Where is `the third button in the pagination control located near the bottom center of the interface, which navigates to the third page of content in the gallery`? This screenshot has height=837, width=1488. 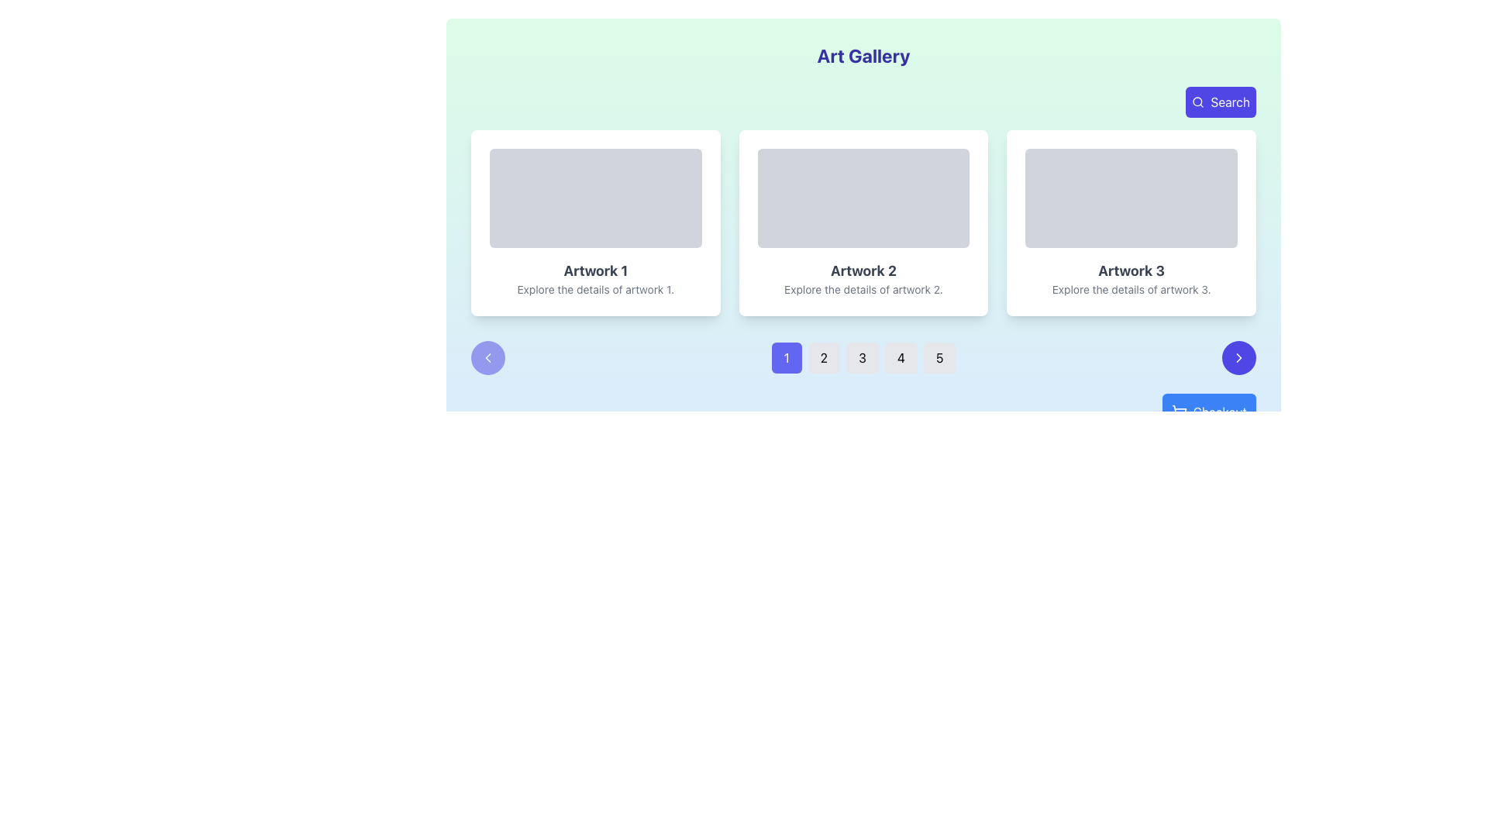 the third button in the pagination control located near the bottom center of the interface, which navigates to the third page of content in the gallery is located at coordinates (863, 358).